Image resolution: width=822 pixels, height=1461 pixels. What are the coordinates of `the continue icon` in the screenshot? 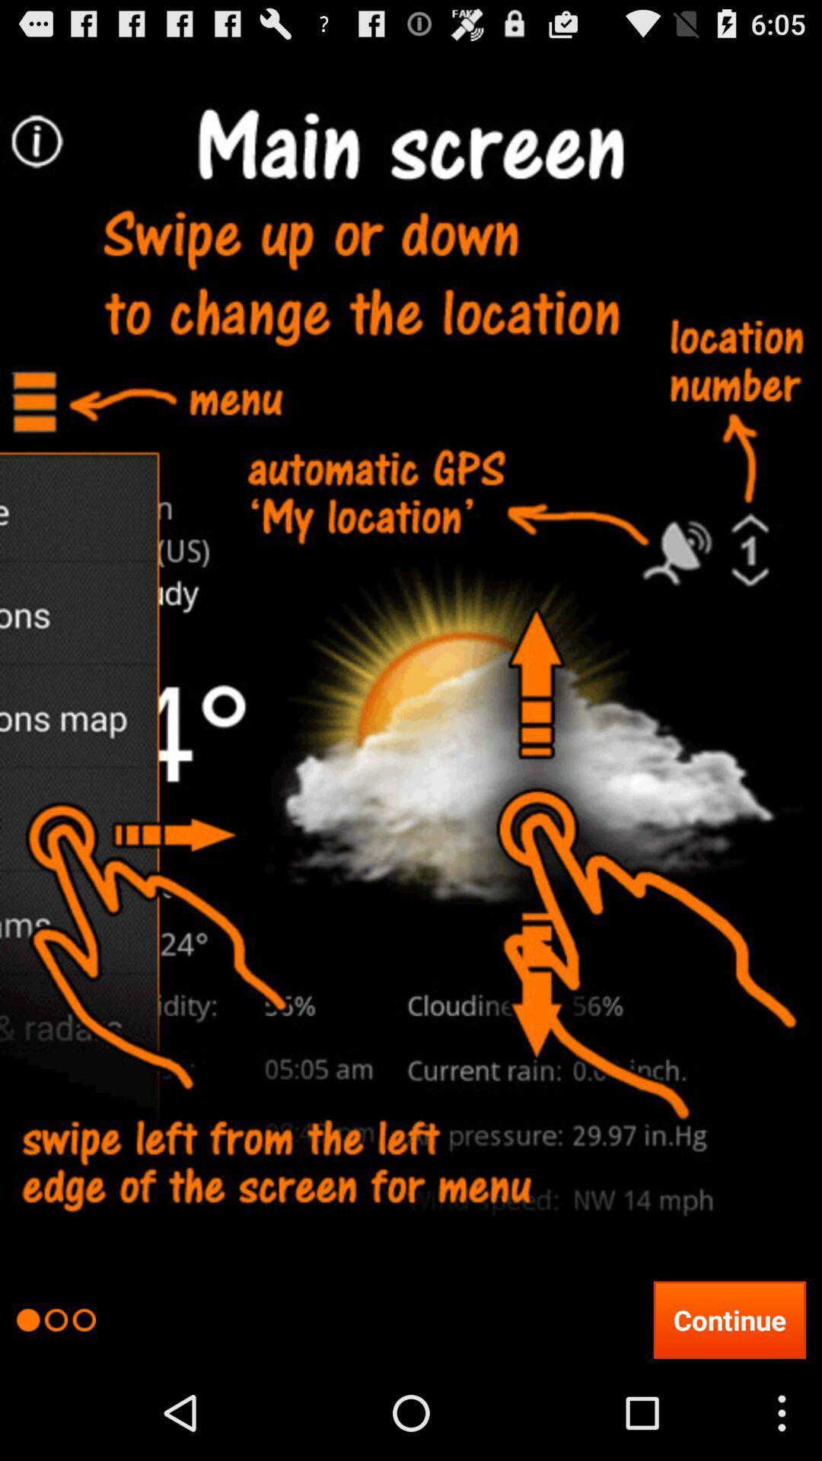 It's located at (728, 1319).